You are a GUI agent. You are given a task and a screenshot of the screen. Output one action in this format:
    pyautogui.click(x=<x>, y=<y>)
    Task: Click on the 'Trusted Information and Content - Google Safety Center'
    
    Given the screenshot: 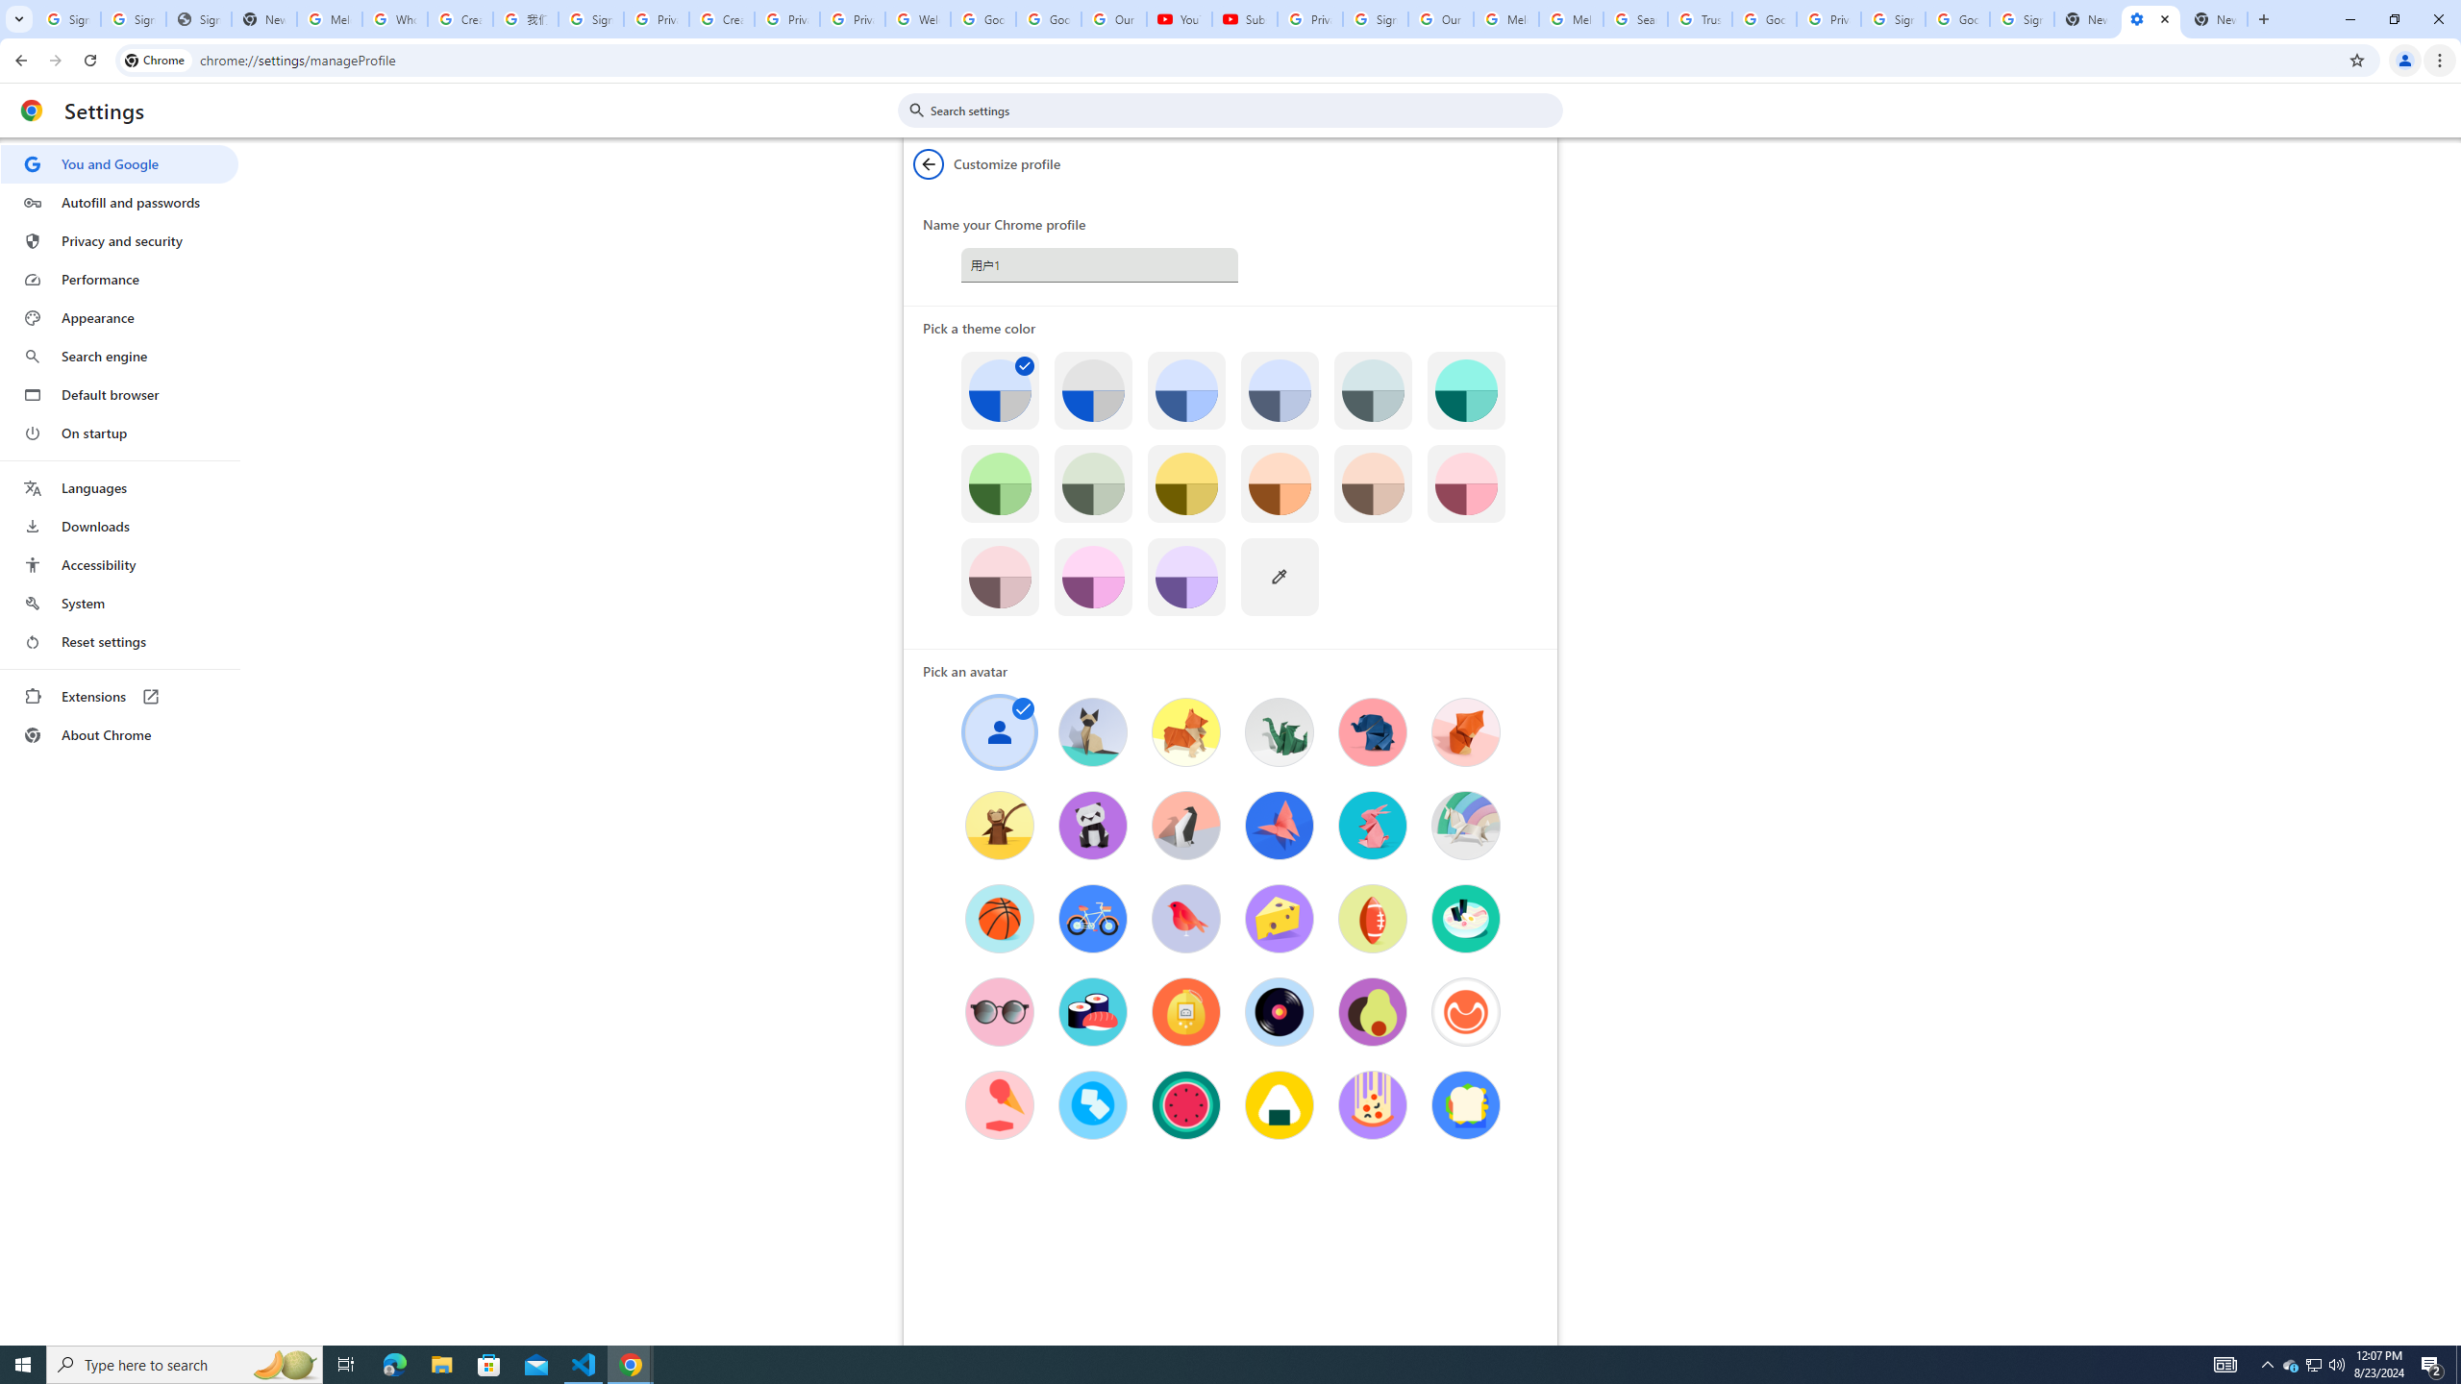 What is the action you would take?
    pyautogui.click(x=1698, y=18)
    